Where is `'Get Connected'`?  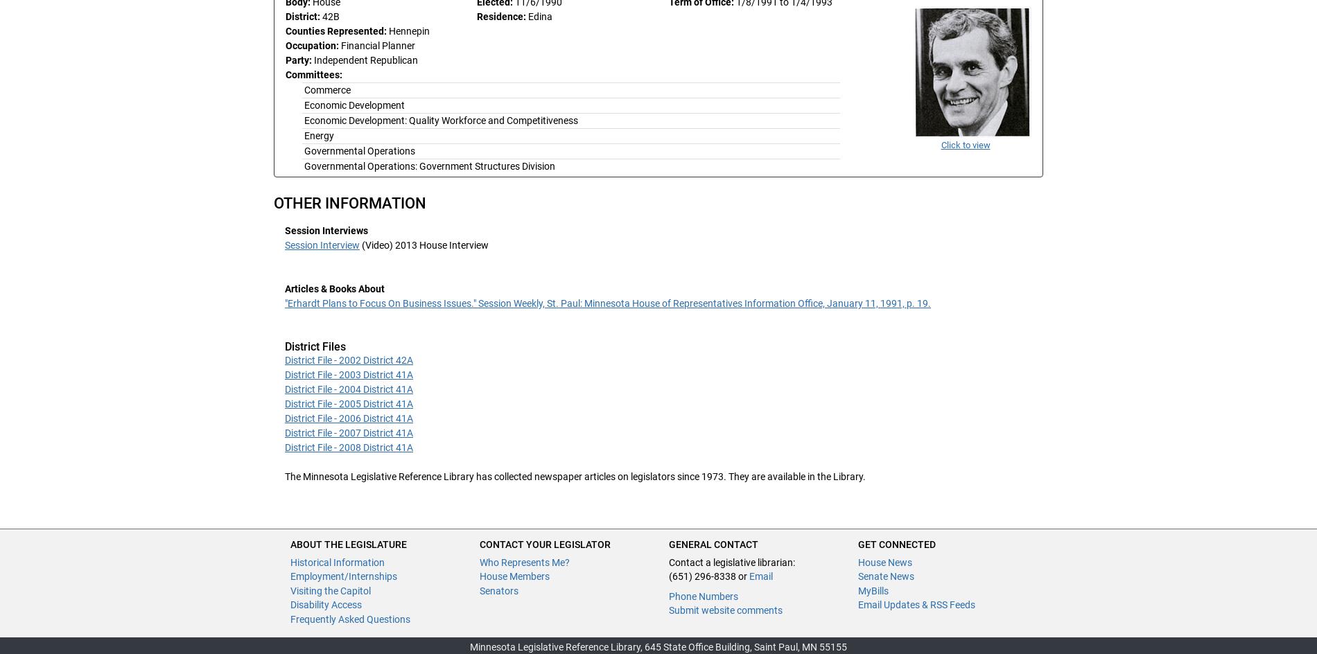 'Get Connected' is located at coordinates (896, 543).